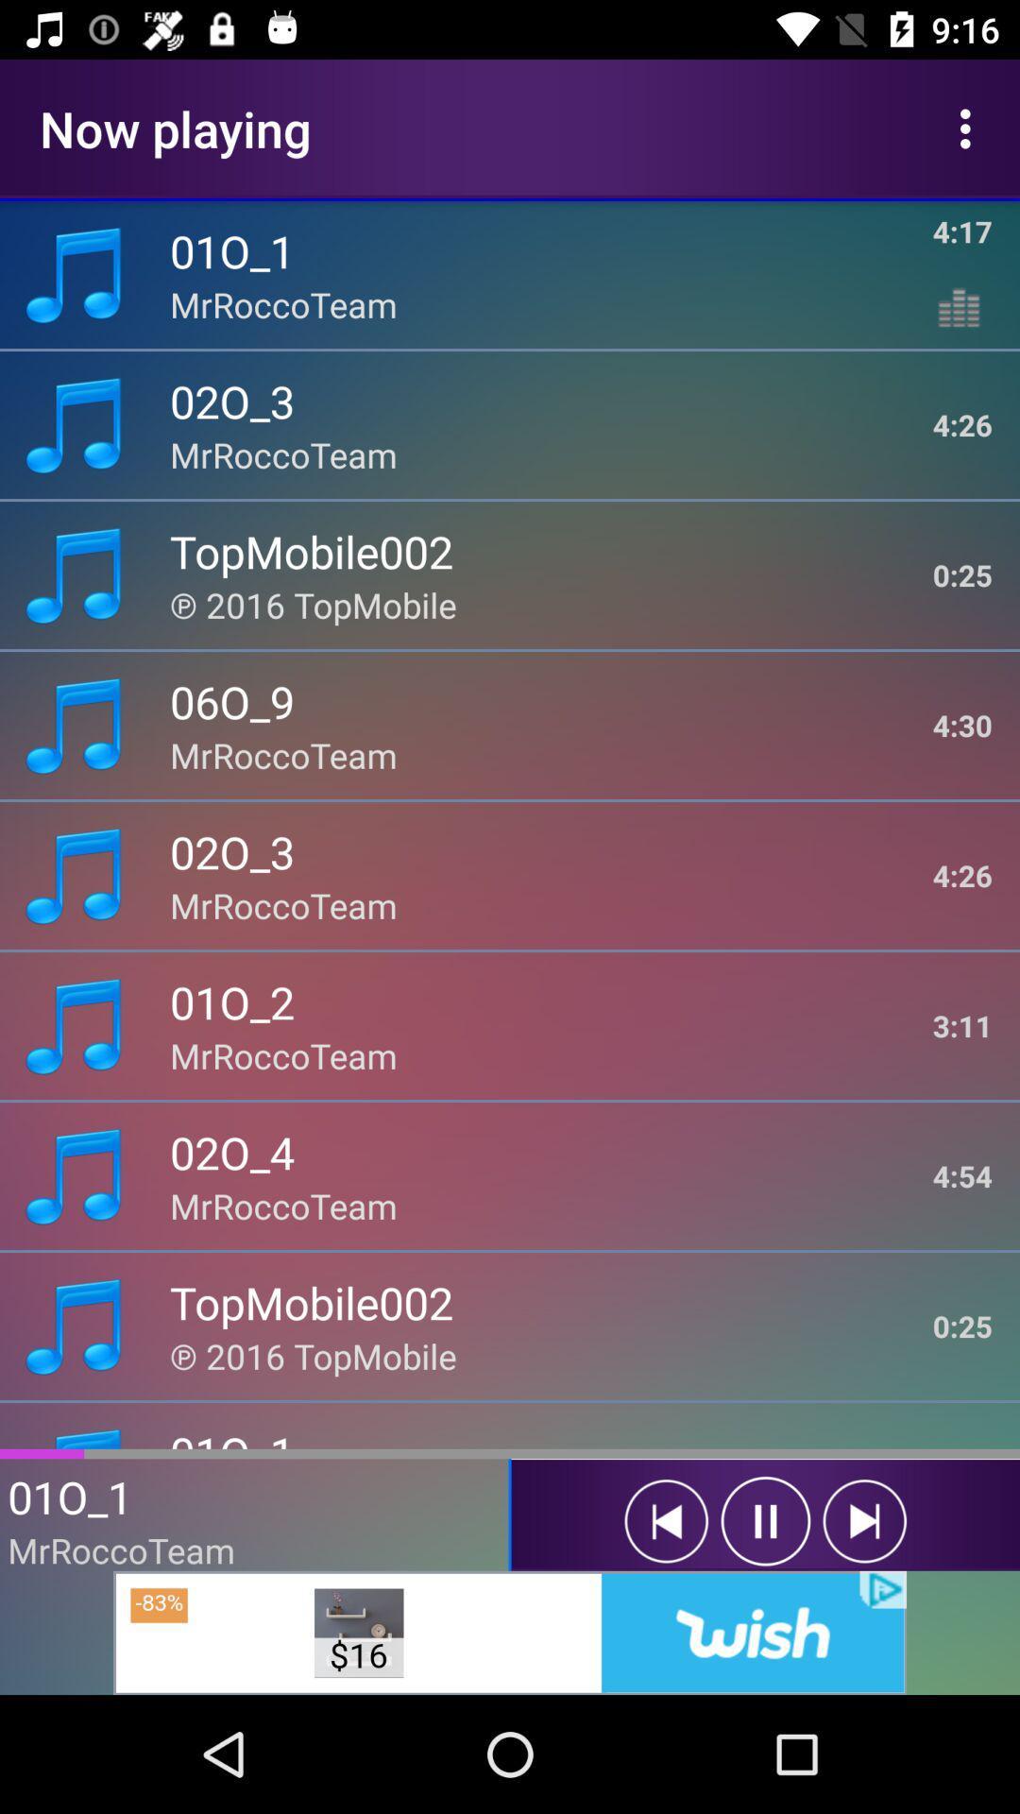  What do you see at coordinates (665, 1521) in the screenshot?
I see `previous track` at bounding box center [665, 1521].